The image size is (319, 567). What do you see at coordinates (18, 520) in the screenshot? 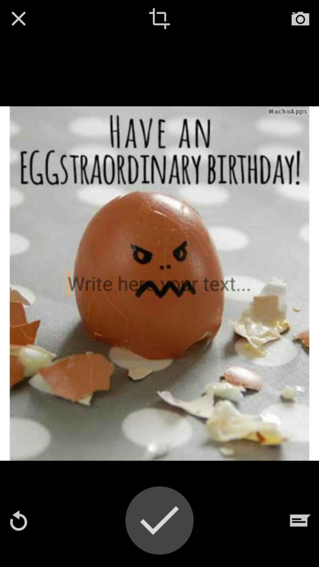
I see `undo option` at bounding box center [18, 520].